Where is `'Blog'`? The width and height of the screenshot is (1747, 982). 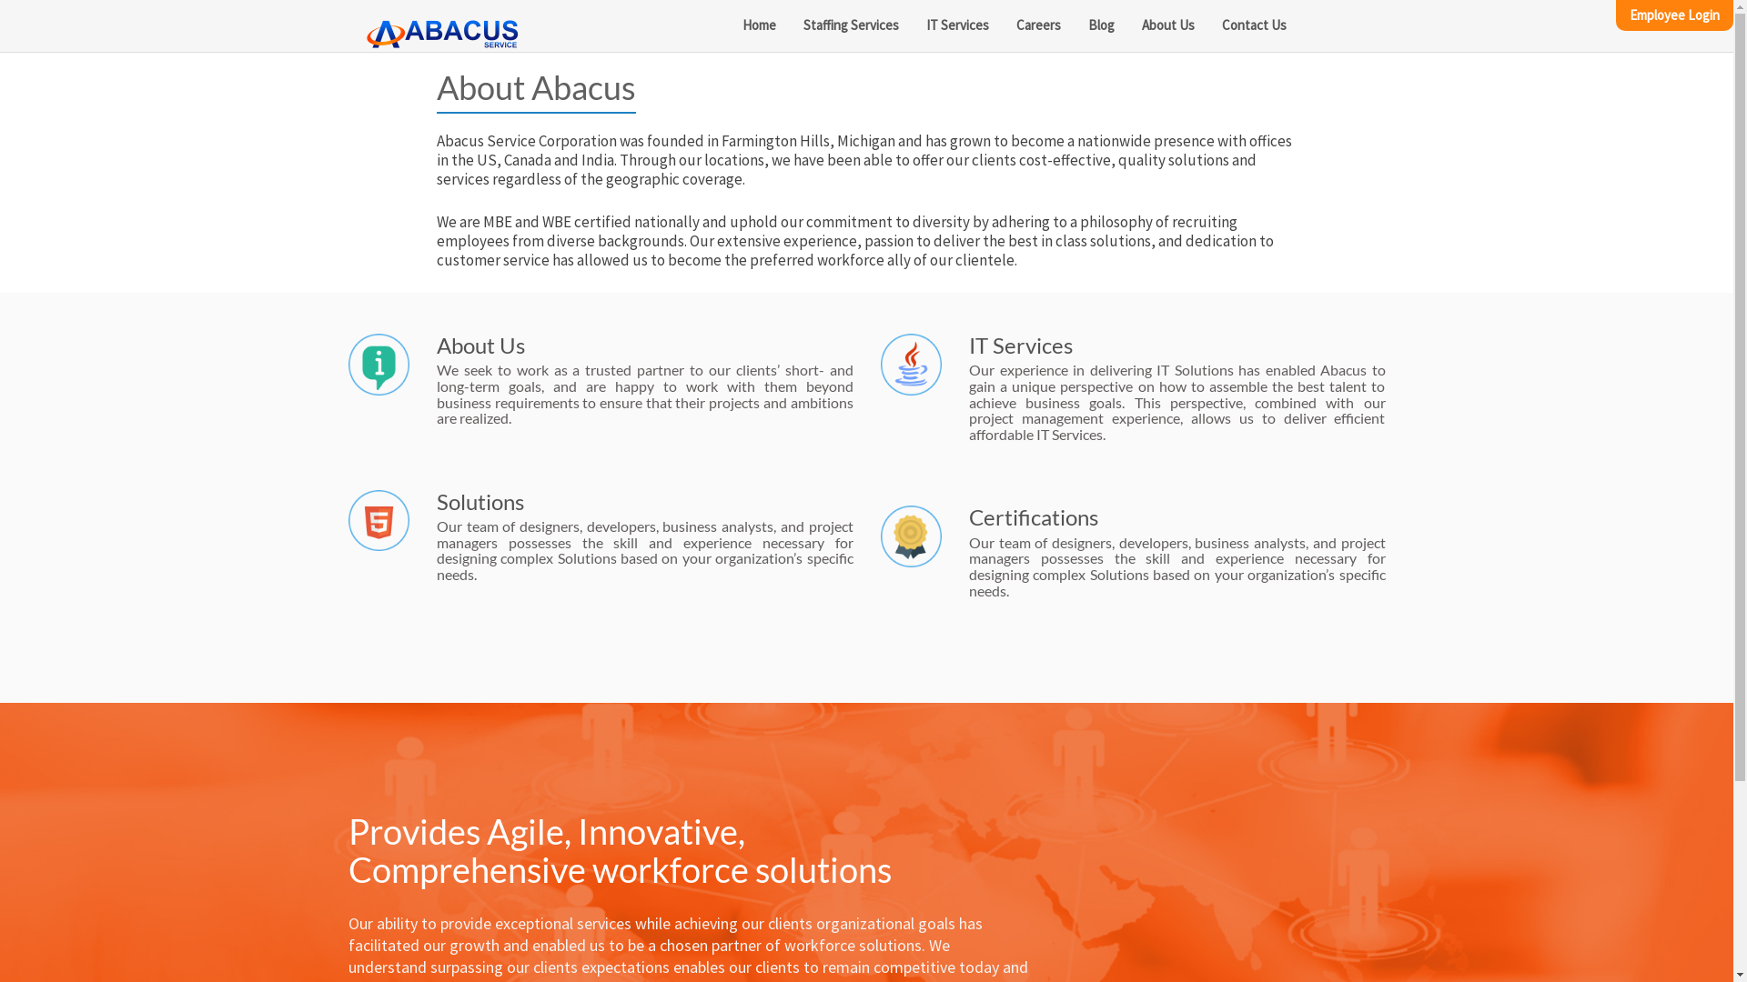 'Blog' is located at coordinates (1099, 25).